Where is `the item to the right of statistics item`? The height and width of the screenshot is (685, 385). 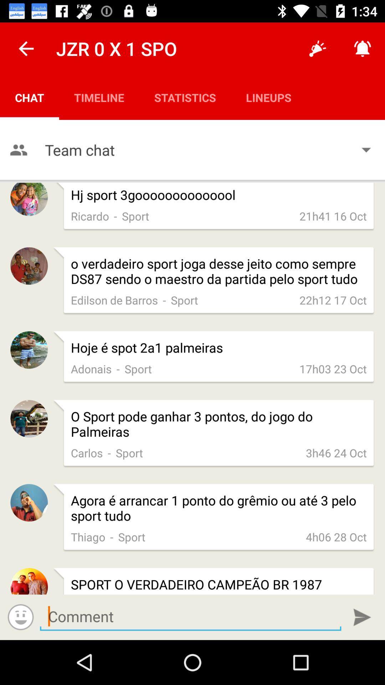 the item to the right of statistics item is located at coordinates (268, 97).